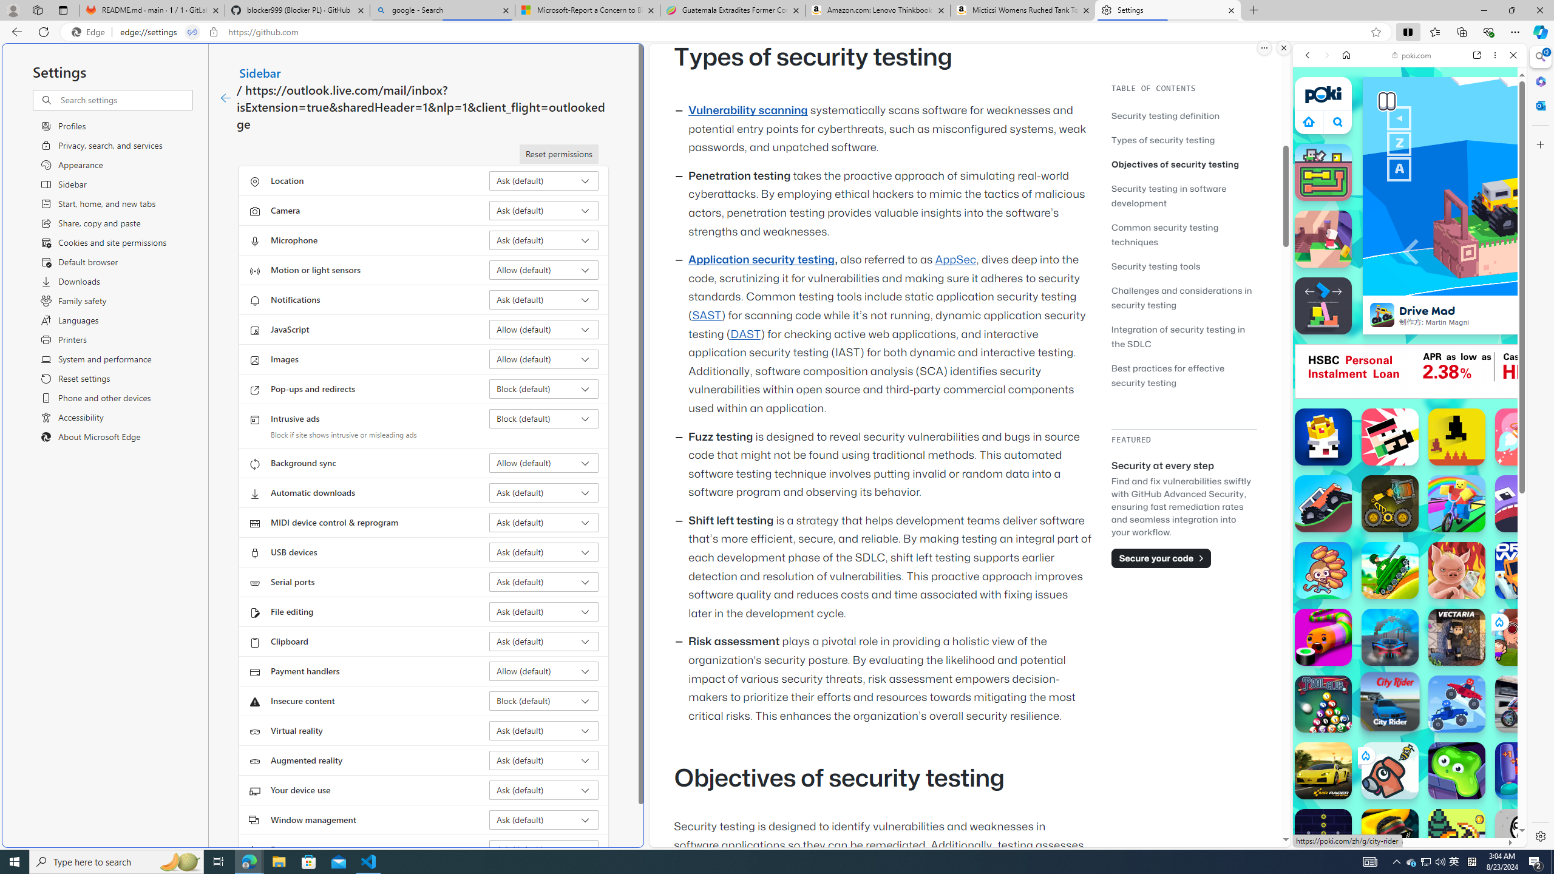  I want to click on 'Objectives of security testing', so click(1183, 163).